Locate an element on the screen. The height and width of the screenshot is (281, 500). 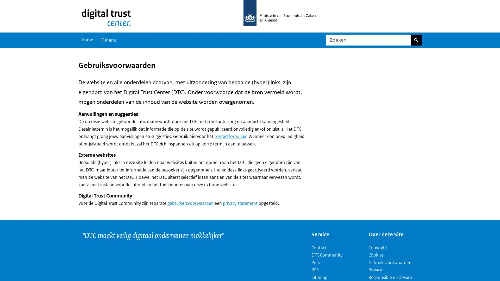
Toggle navigation is located at coordinates (108, 40).